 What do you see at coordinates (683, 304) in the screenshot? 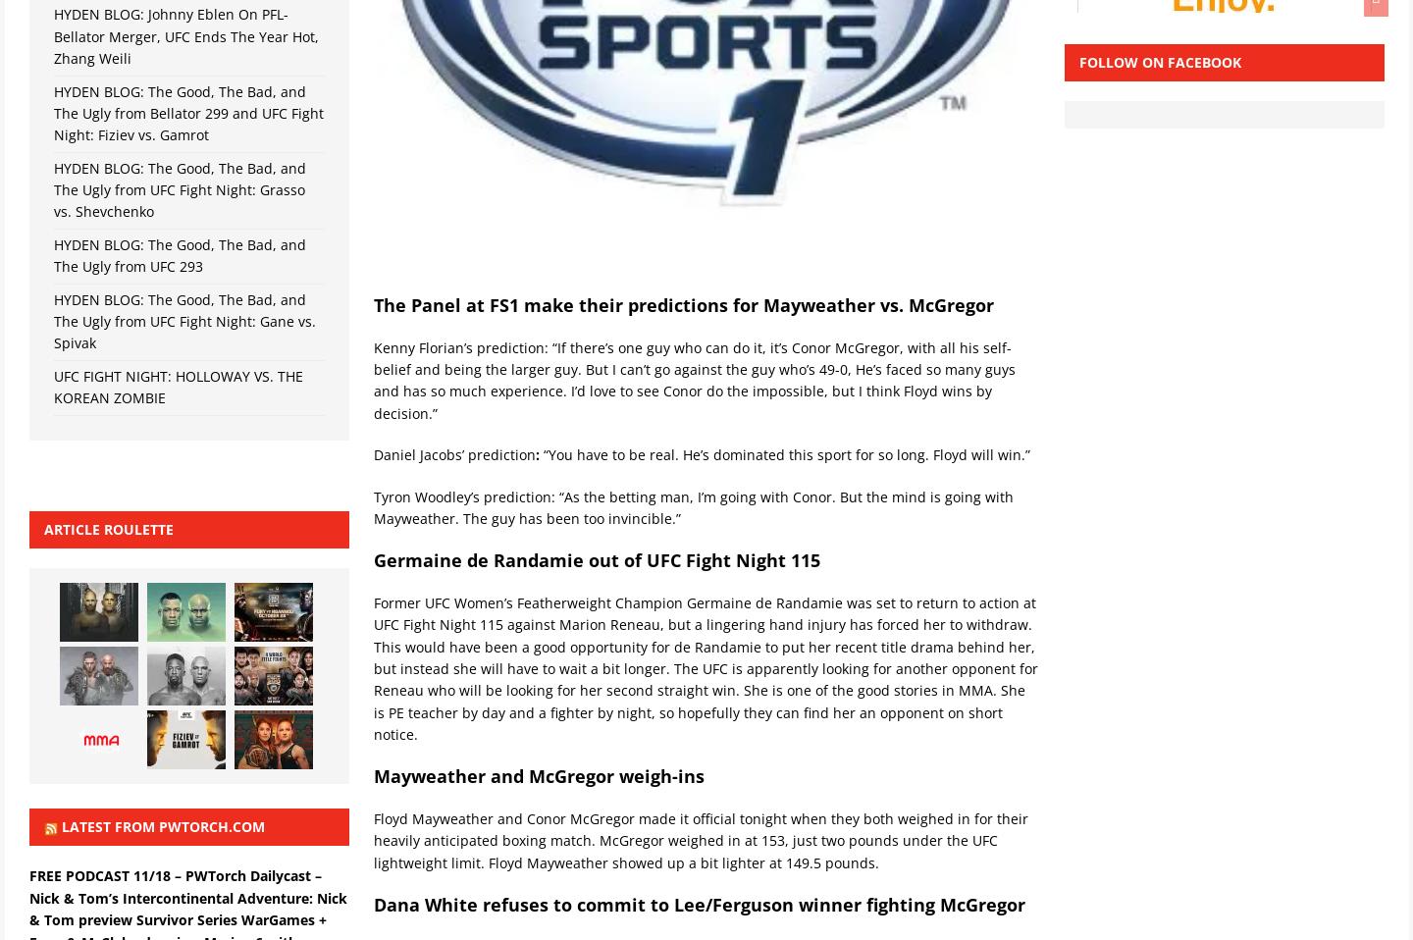
I see `'The Panel at FS1 make their predictions for Mayweather vs. McGregor'` at bounding box center [683, 304].